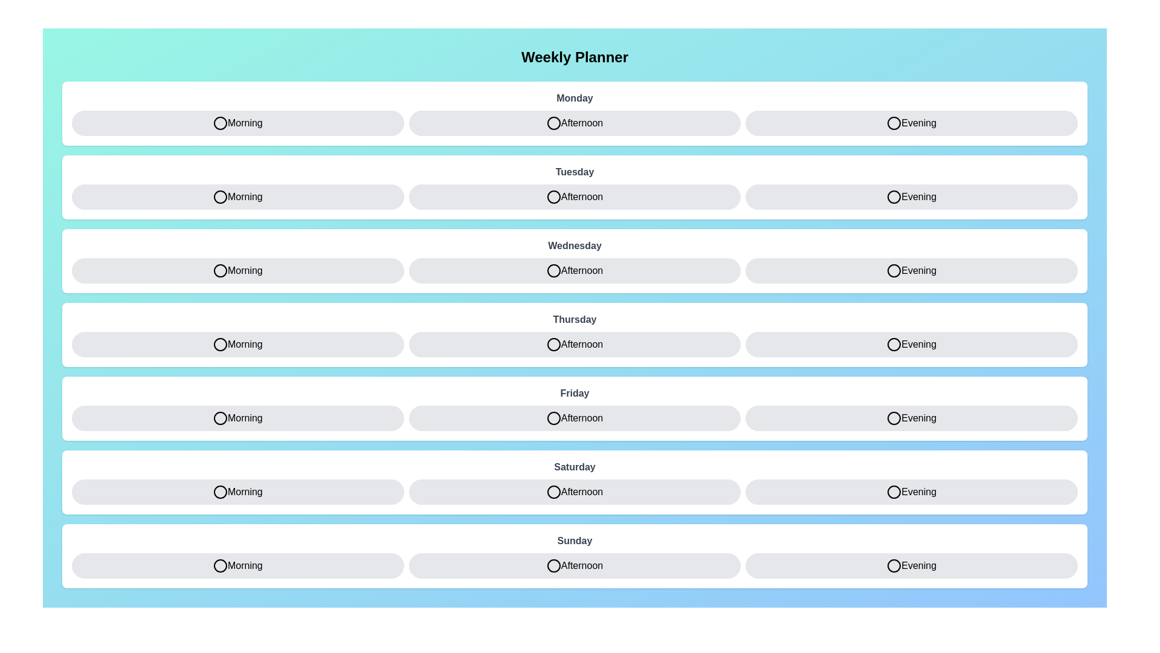 The width and height of the screenshot is (1160, 653). Describe the element at coordinates (574, 57) in the screenshot. I see `the header text 'Weekly Planner'` at that location.